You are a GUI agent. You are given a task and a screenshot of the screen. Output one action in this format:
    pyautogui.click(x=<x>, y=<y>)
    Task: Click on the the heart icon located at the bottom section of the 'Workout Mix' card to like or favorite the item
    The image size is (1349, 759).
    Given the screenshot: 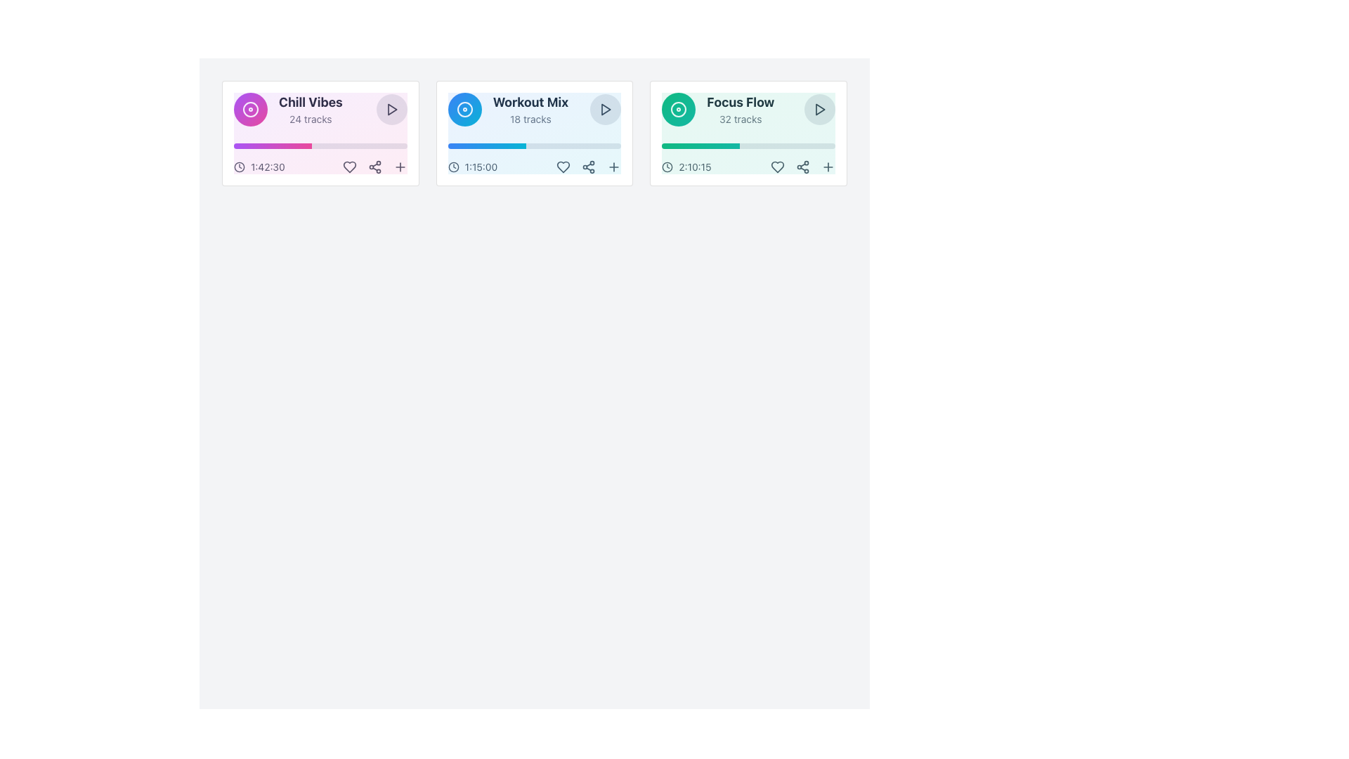 What is the action you would take?
    pyautogui.click(x=563, y=167)
    